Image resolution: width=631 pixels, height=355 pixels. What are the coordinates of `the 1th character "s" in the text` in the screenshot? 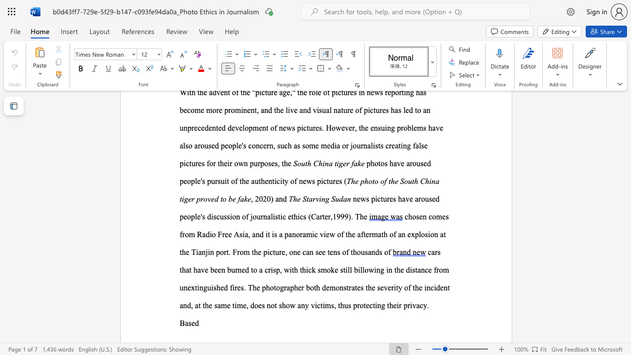 It's located at (345, 287).